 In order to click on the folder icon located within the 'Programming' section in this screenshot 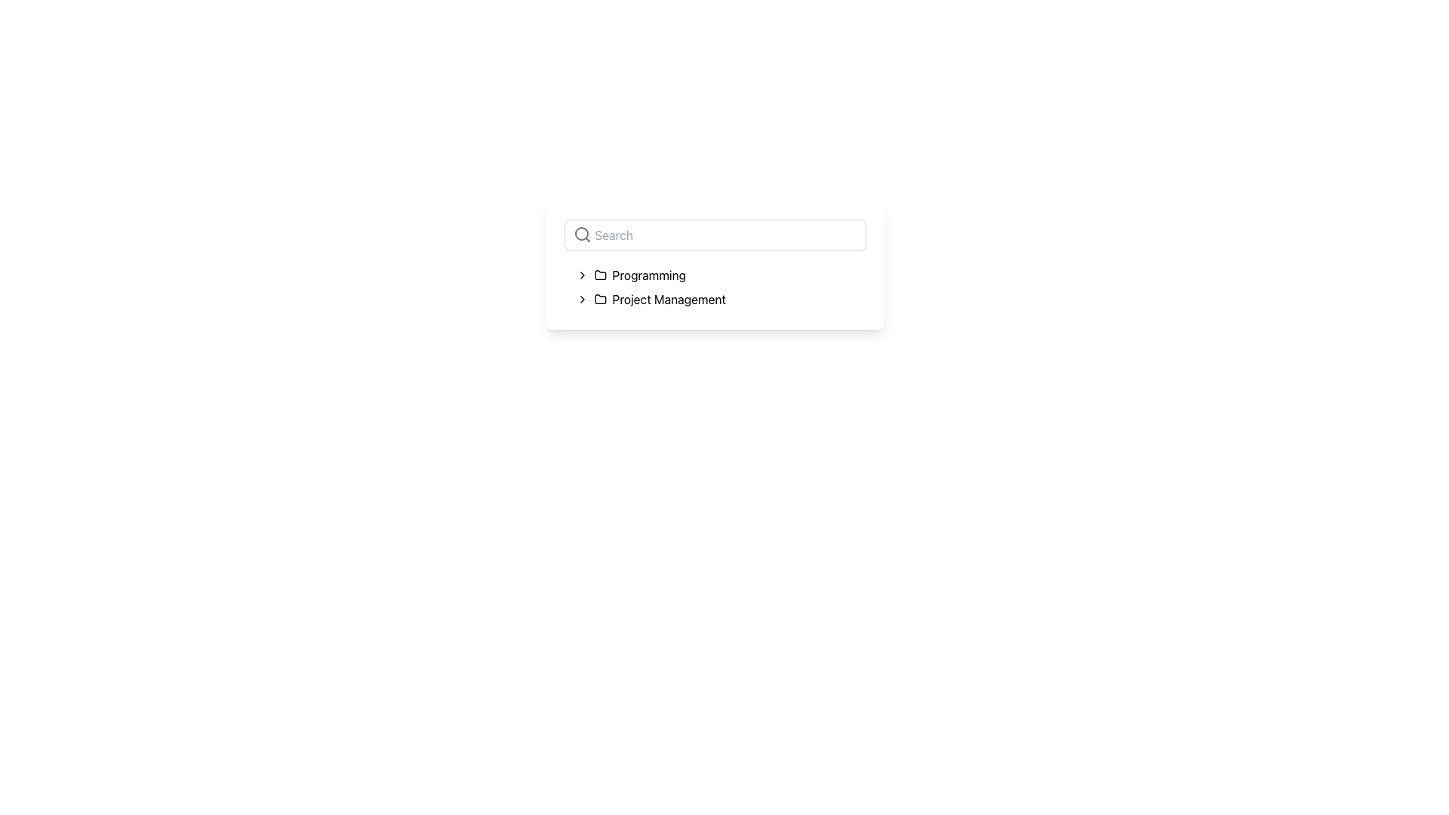, I will do `click(599, 275)`.